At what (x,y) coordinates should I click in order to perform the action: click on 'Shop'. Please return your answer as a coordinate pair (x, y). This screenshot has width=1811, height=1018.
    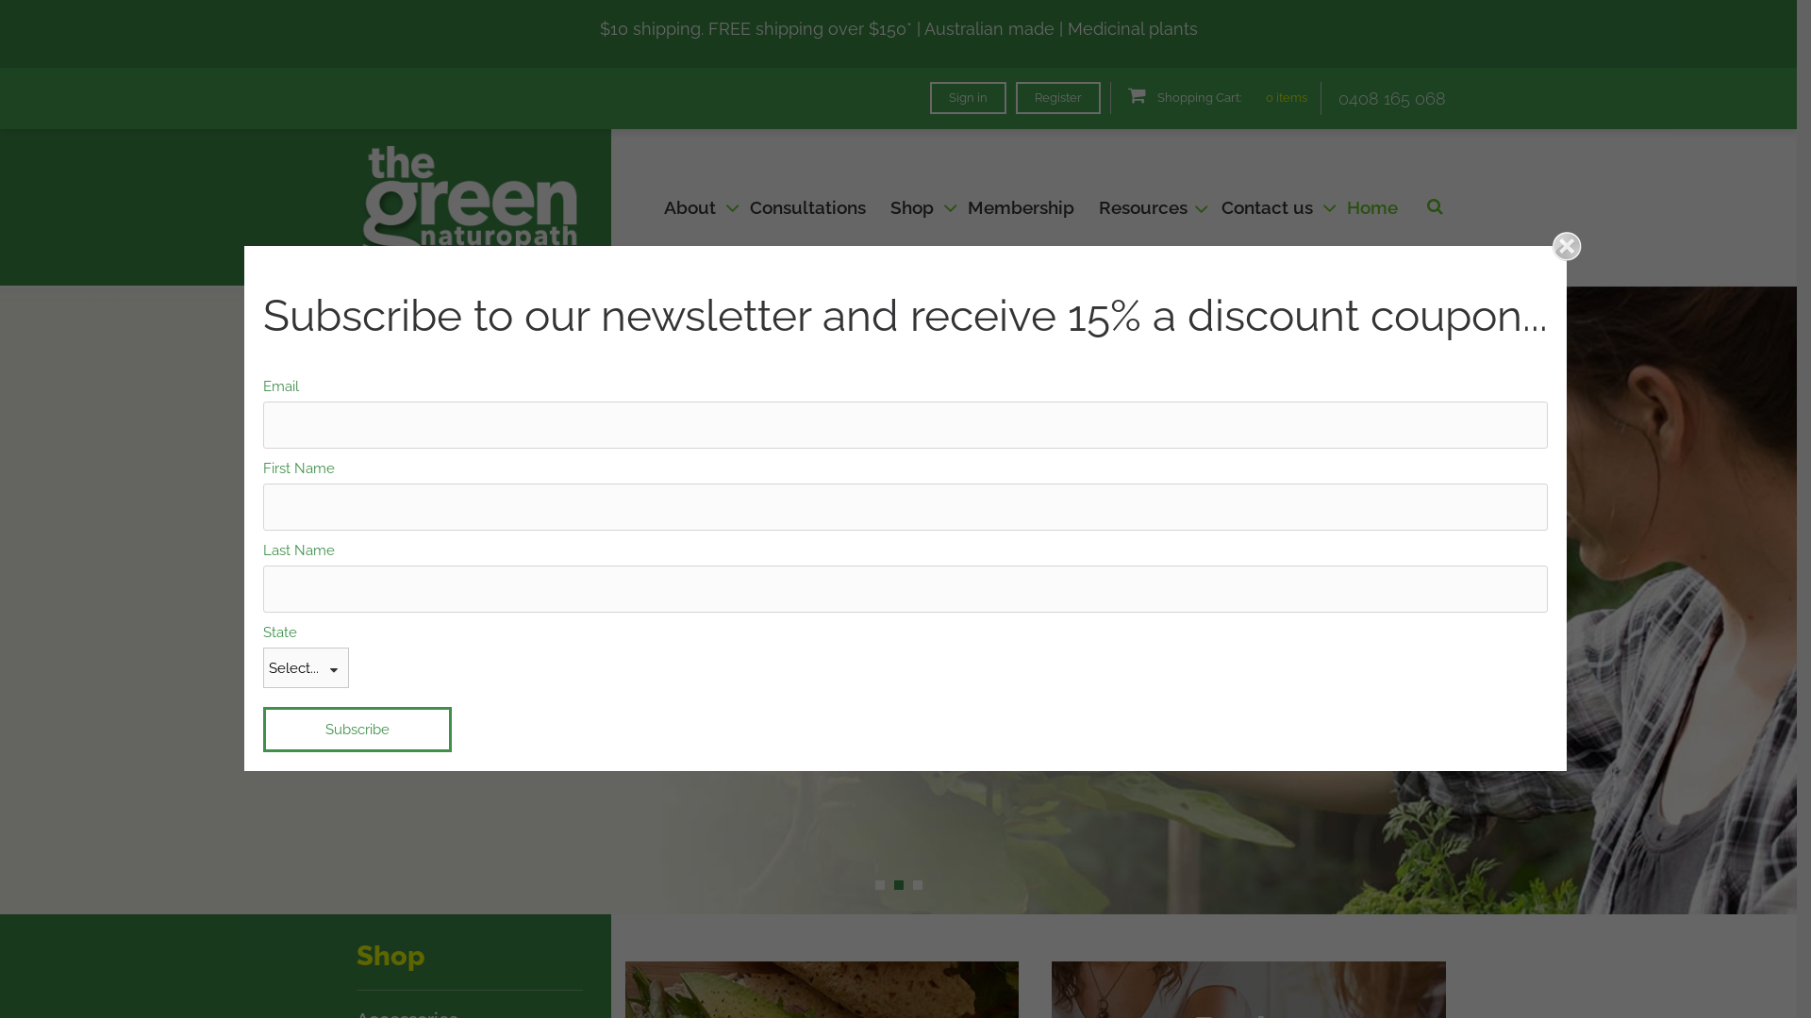
    Looking at the image, I should click on (889, 206).